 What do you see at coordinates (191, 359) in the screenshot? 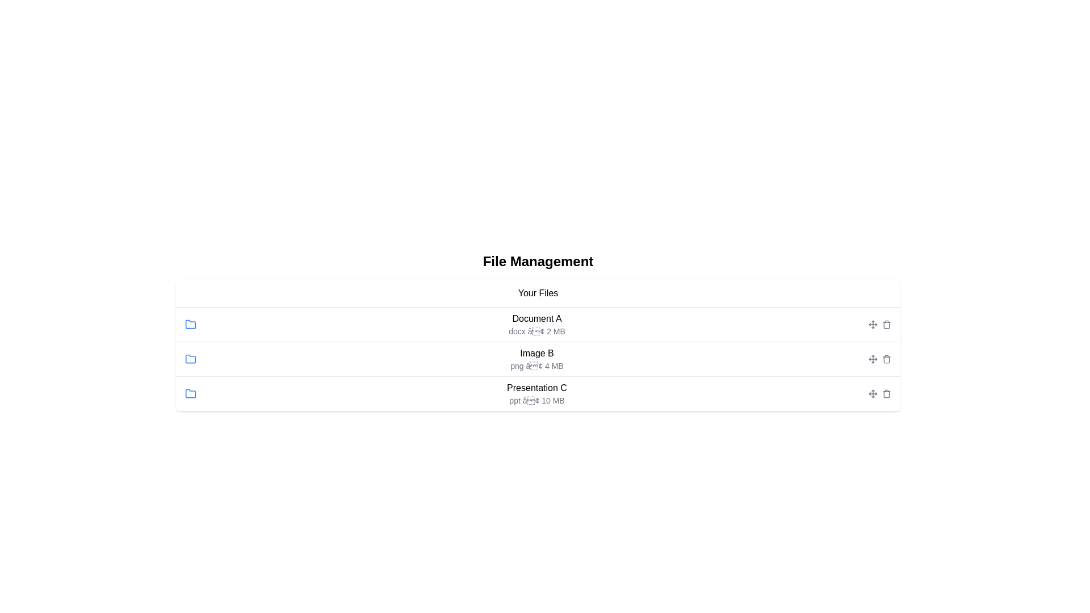
I see `the folder icon positioned in the second row of the file list, located directly to the left of the text 'Image B'` at bounding box center [191, 359].